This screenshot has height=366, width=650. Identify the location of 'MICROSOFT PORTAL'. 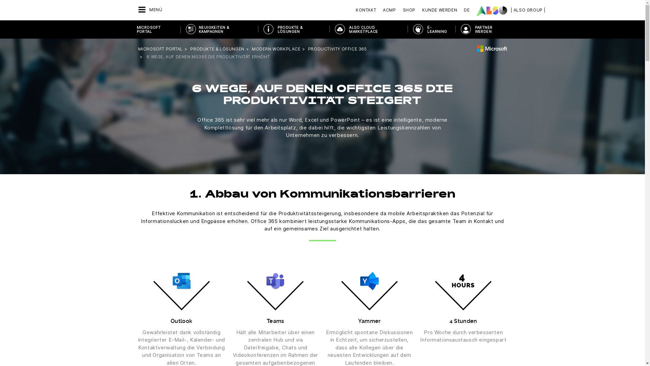
(155, 29).